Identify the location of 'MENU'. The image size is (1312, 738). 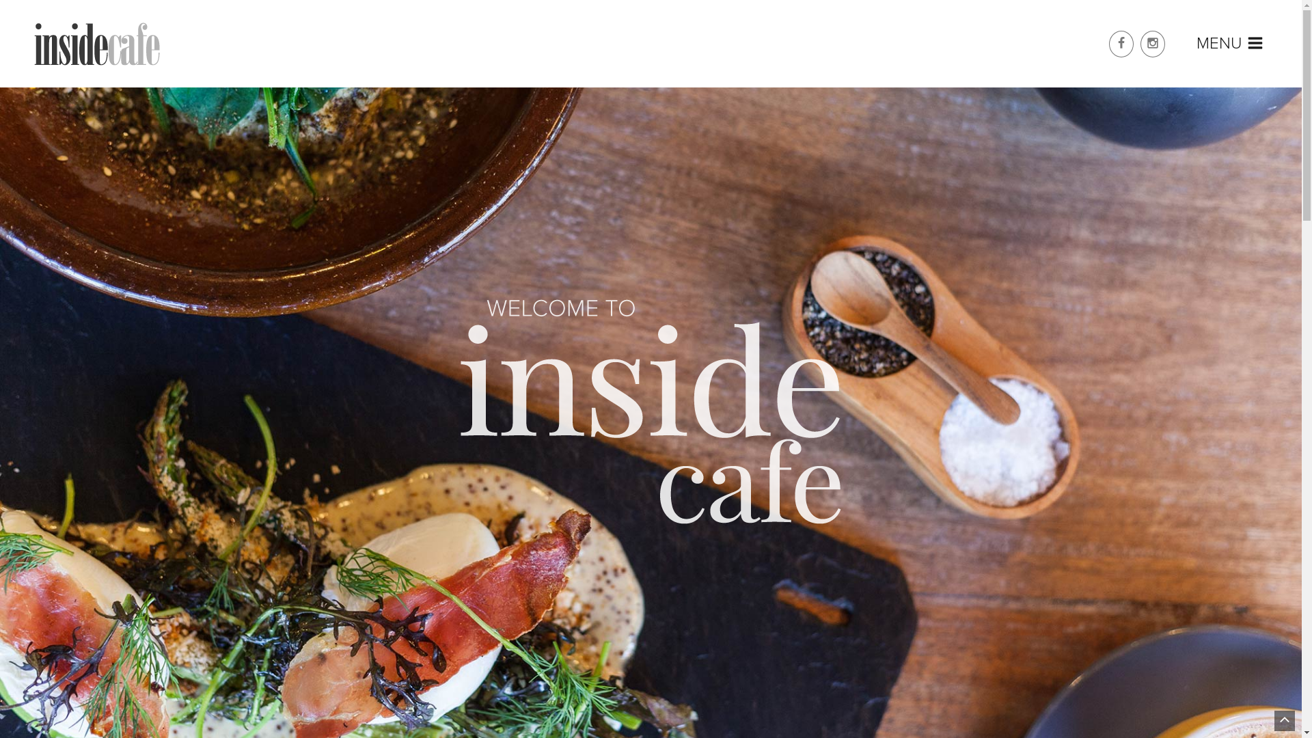
(1230, 44).